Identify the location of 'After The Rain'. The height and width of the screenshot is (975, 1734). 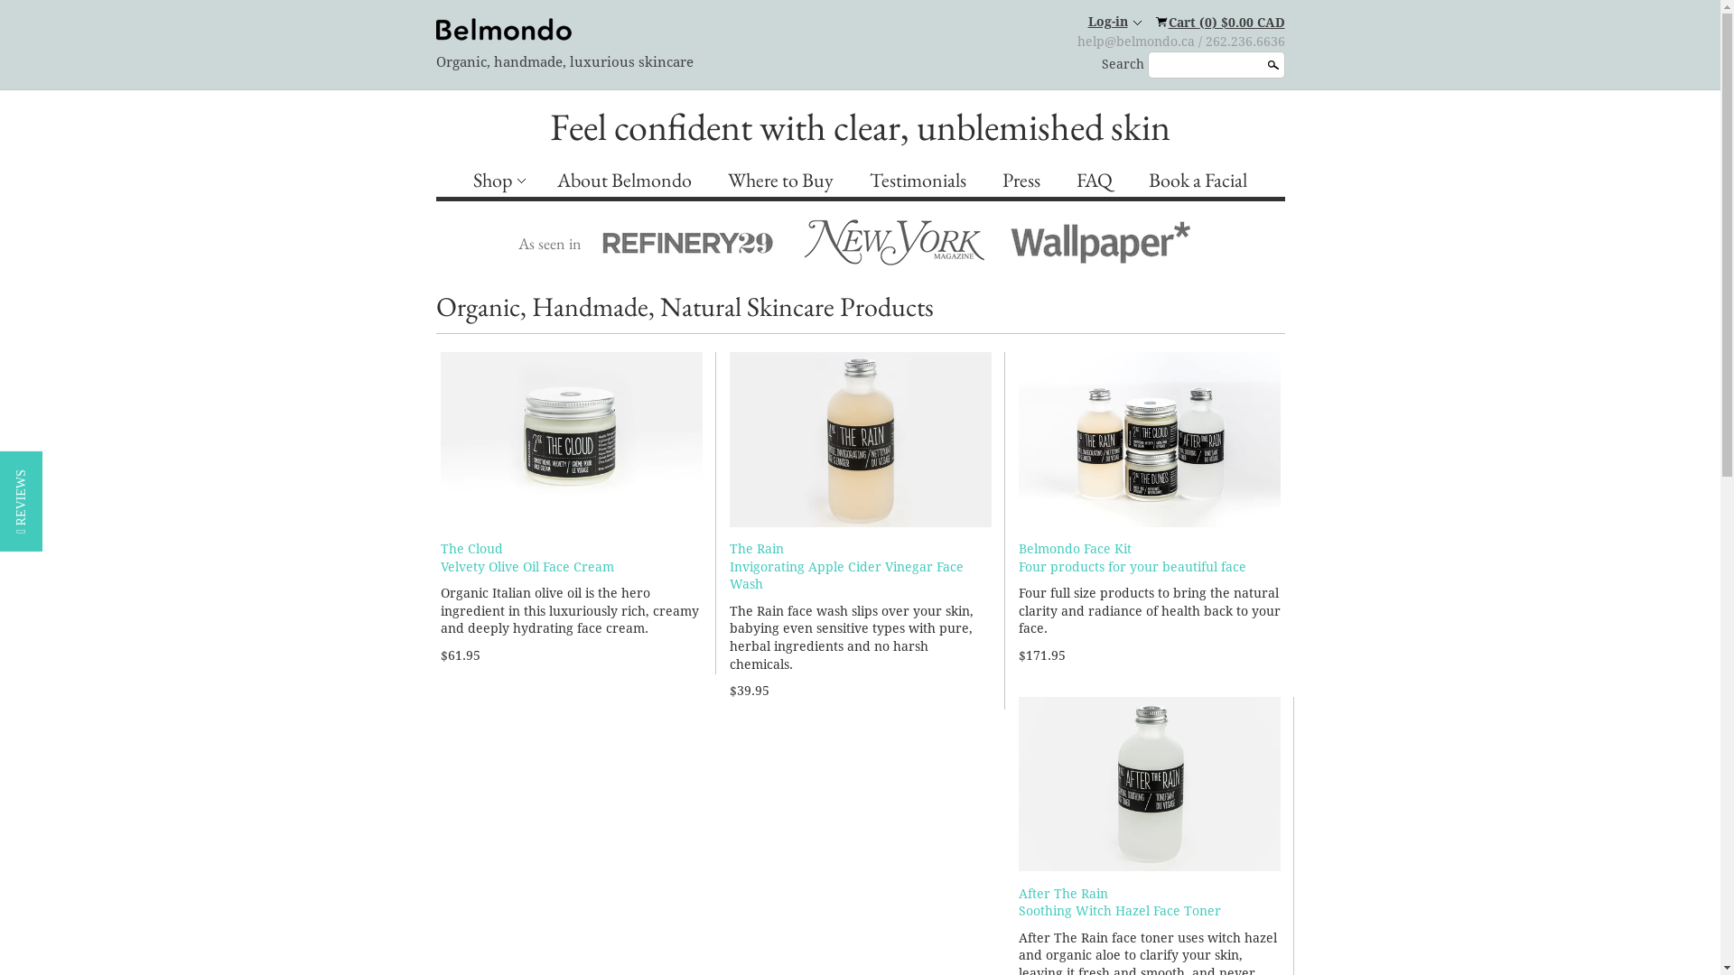
(1063, 894).